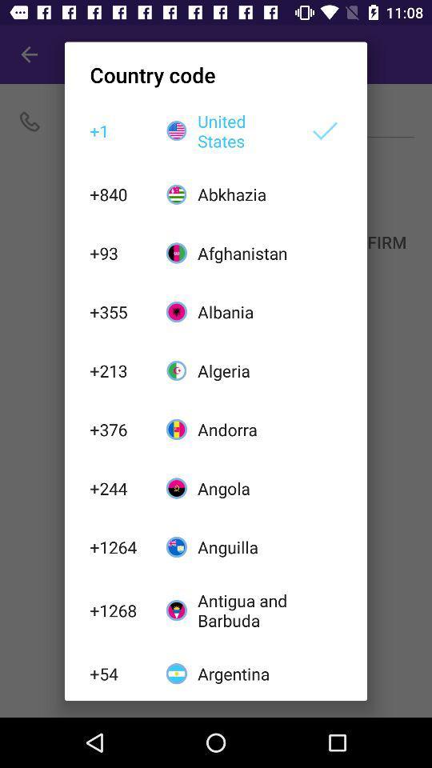 Image resolution: width=432 pixels, height=768 pixels. I want to click on icon below the +1268 icon, so click(118, 673).